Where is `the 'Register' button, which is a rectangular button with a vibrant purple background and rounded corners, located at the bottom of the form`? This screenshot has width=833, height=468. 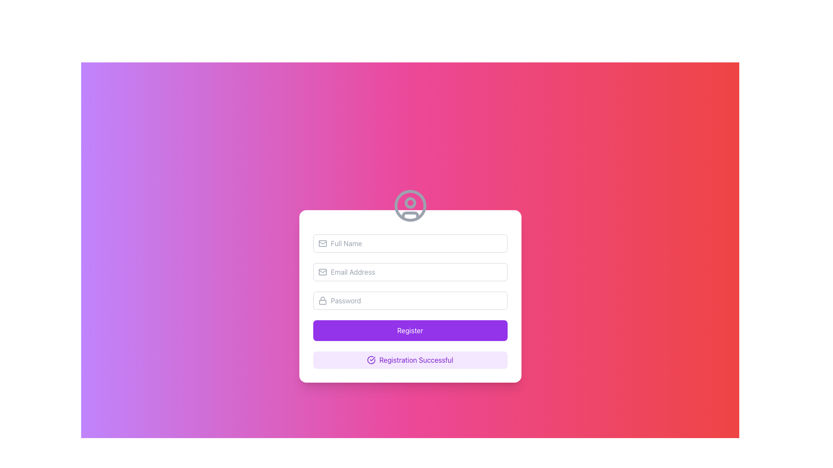 the 'Register' button, which is a rectangular button with a vibrant purple background and rounded corners, located at the bottom of the form is located at coordinates (410, 331).